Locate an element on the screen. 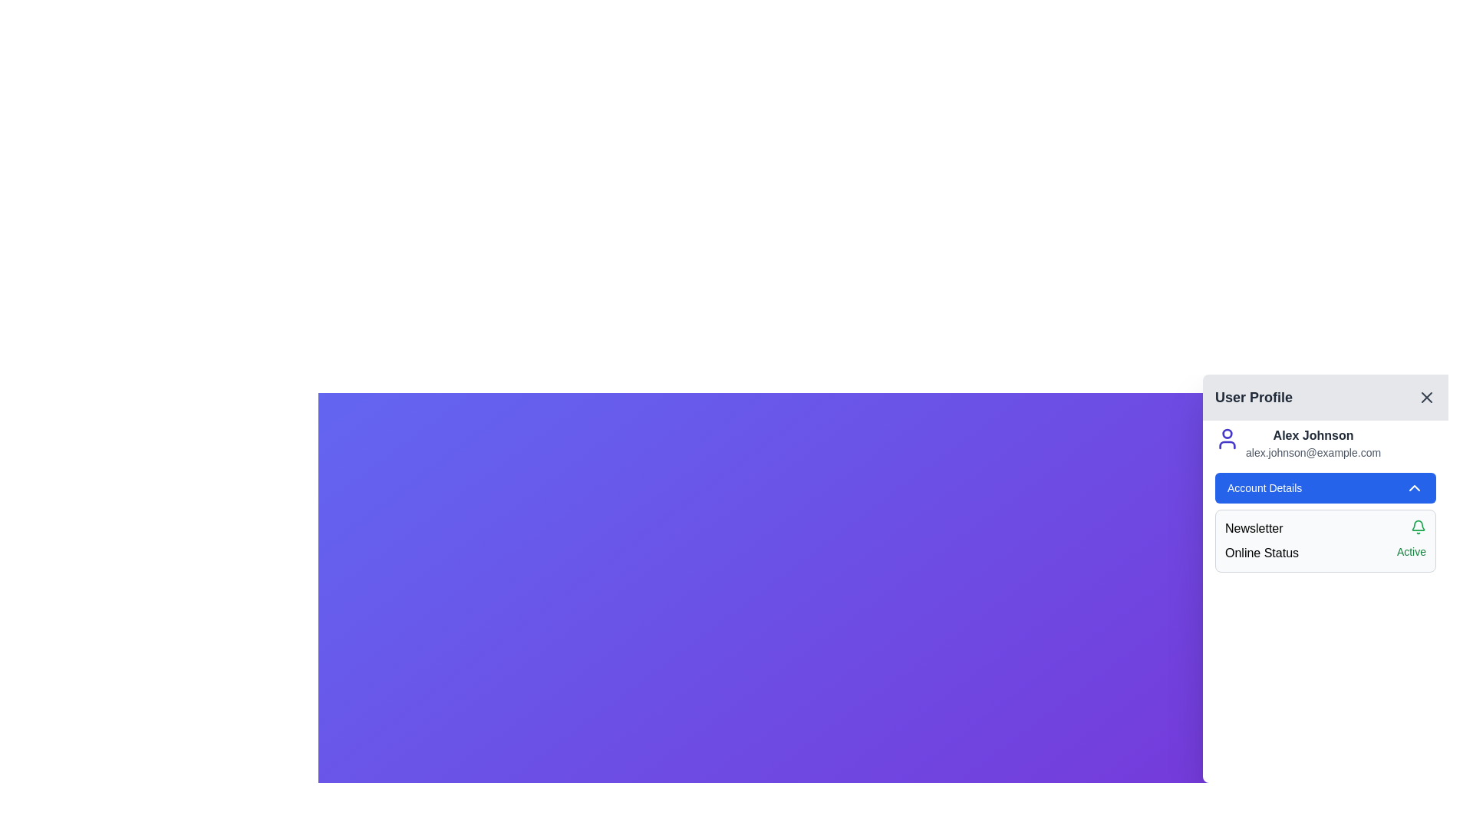  the 'Newsletter' label in the User Profile panel, which introduces the newsletter subscription settings is located at coordinates (1254, 528).